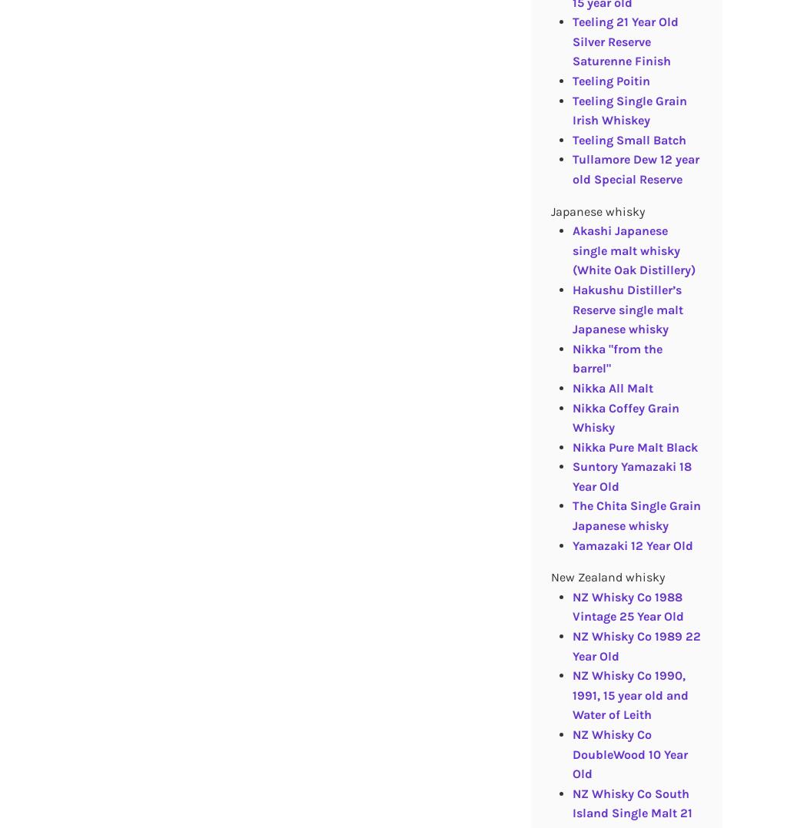  I want to click on 'NZ Whisky Co DoubleWood 10 Year Old', so click(629, 753).